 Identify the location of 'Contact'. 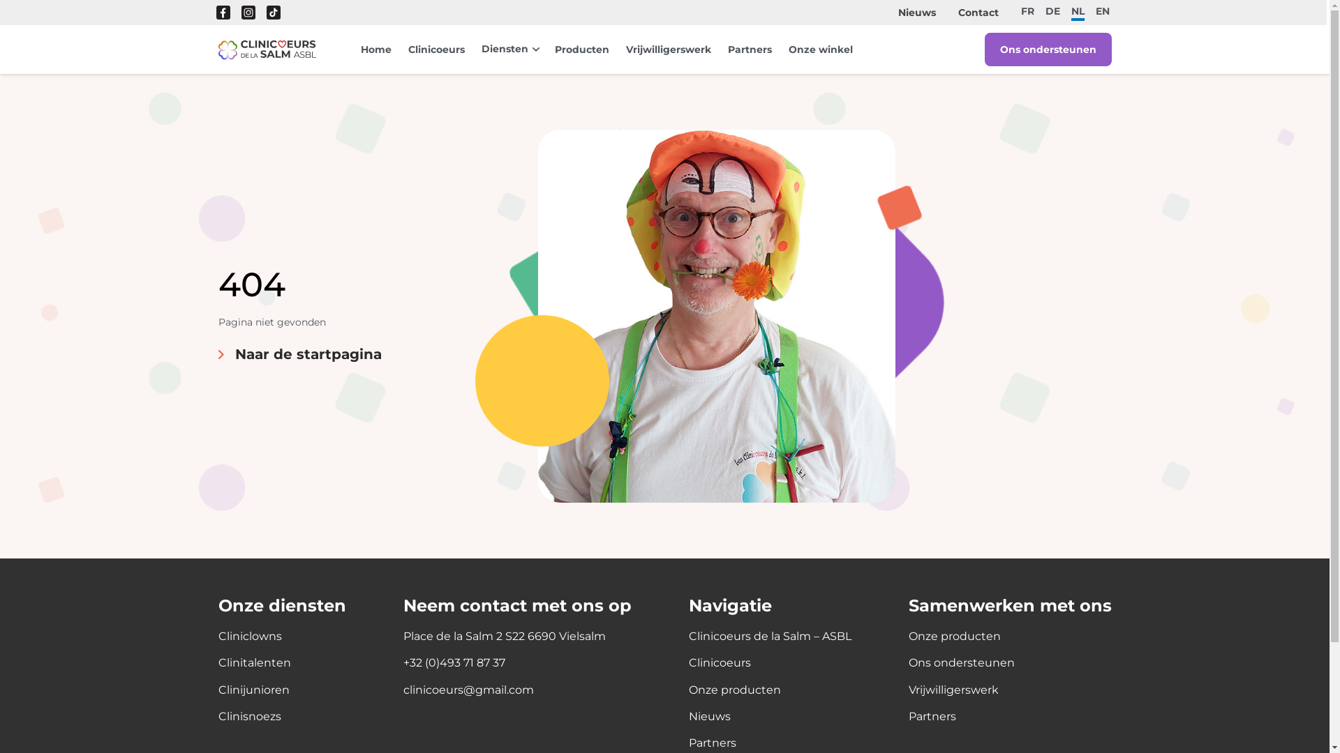
(957, 13).